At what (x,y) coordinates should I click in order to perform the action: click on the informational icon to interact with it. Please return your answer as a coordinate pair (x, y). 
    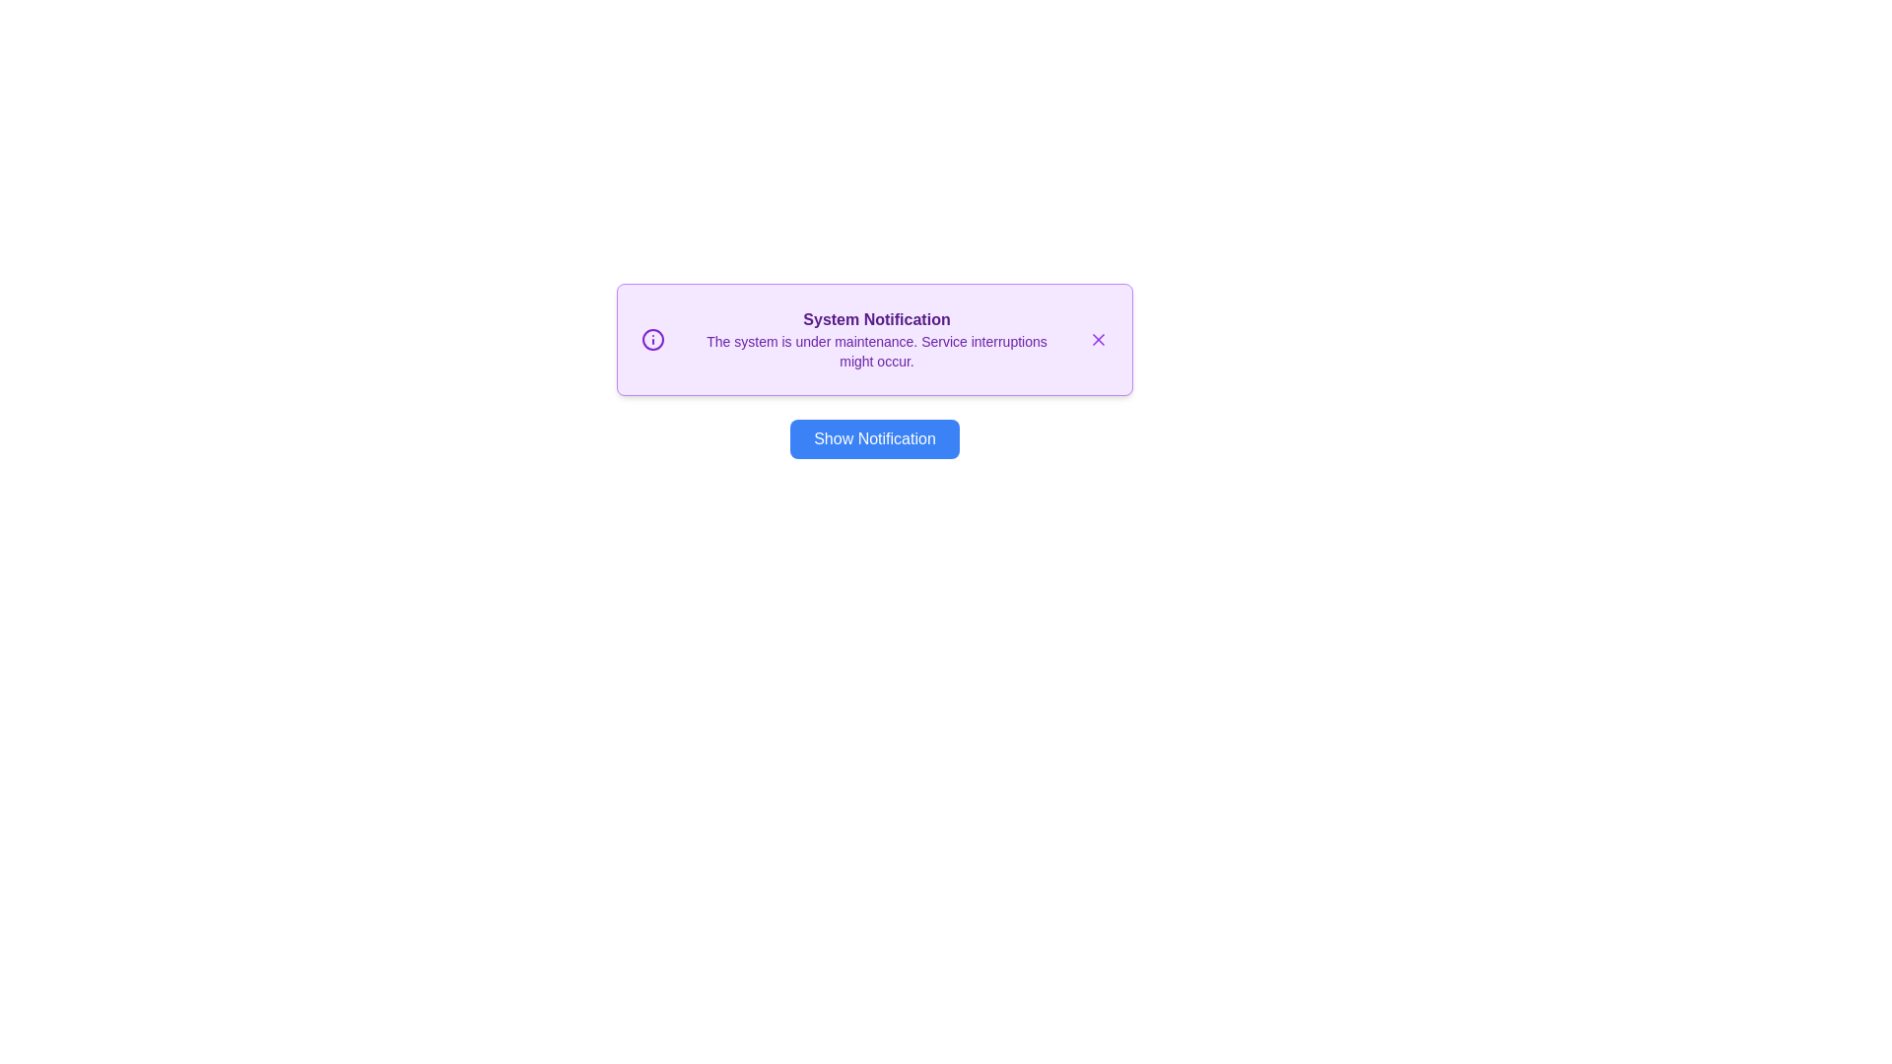
    Looking at the image, I should click on (652, 338).